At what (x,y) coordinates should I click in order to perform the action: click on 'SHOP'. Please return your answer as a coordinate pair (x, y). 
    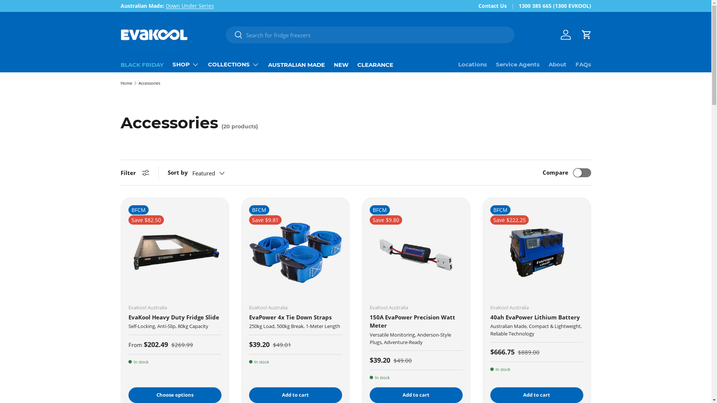
    Looking at the image, I should click on (172, 64).